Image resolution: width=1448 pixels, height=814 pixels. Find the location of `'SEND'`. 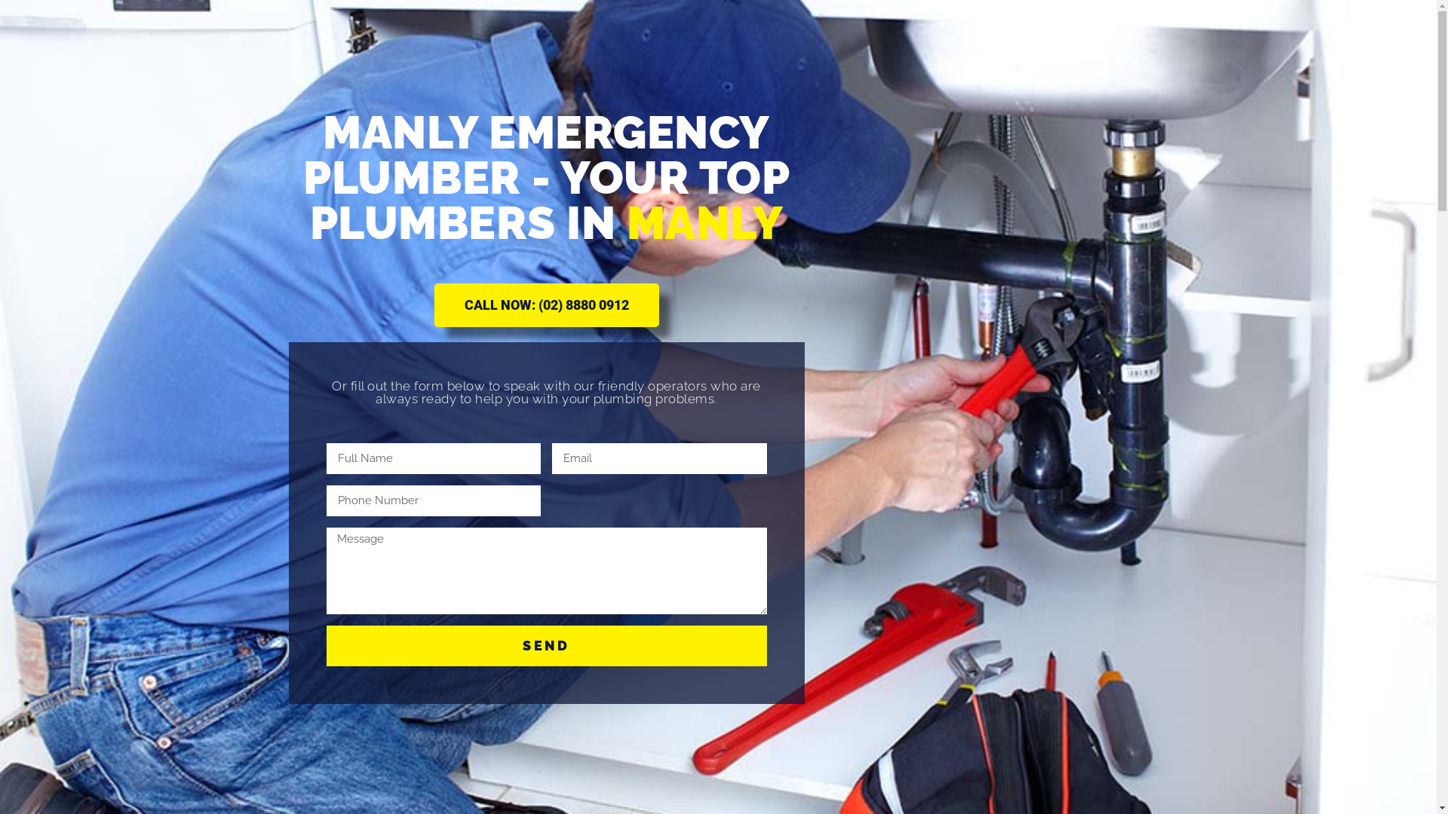

'SEND' is located at coordinates (545, 644).